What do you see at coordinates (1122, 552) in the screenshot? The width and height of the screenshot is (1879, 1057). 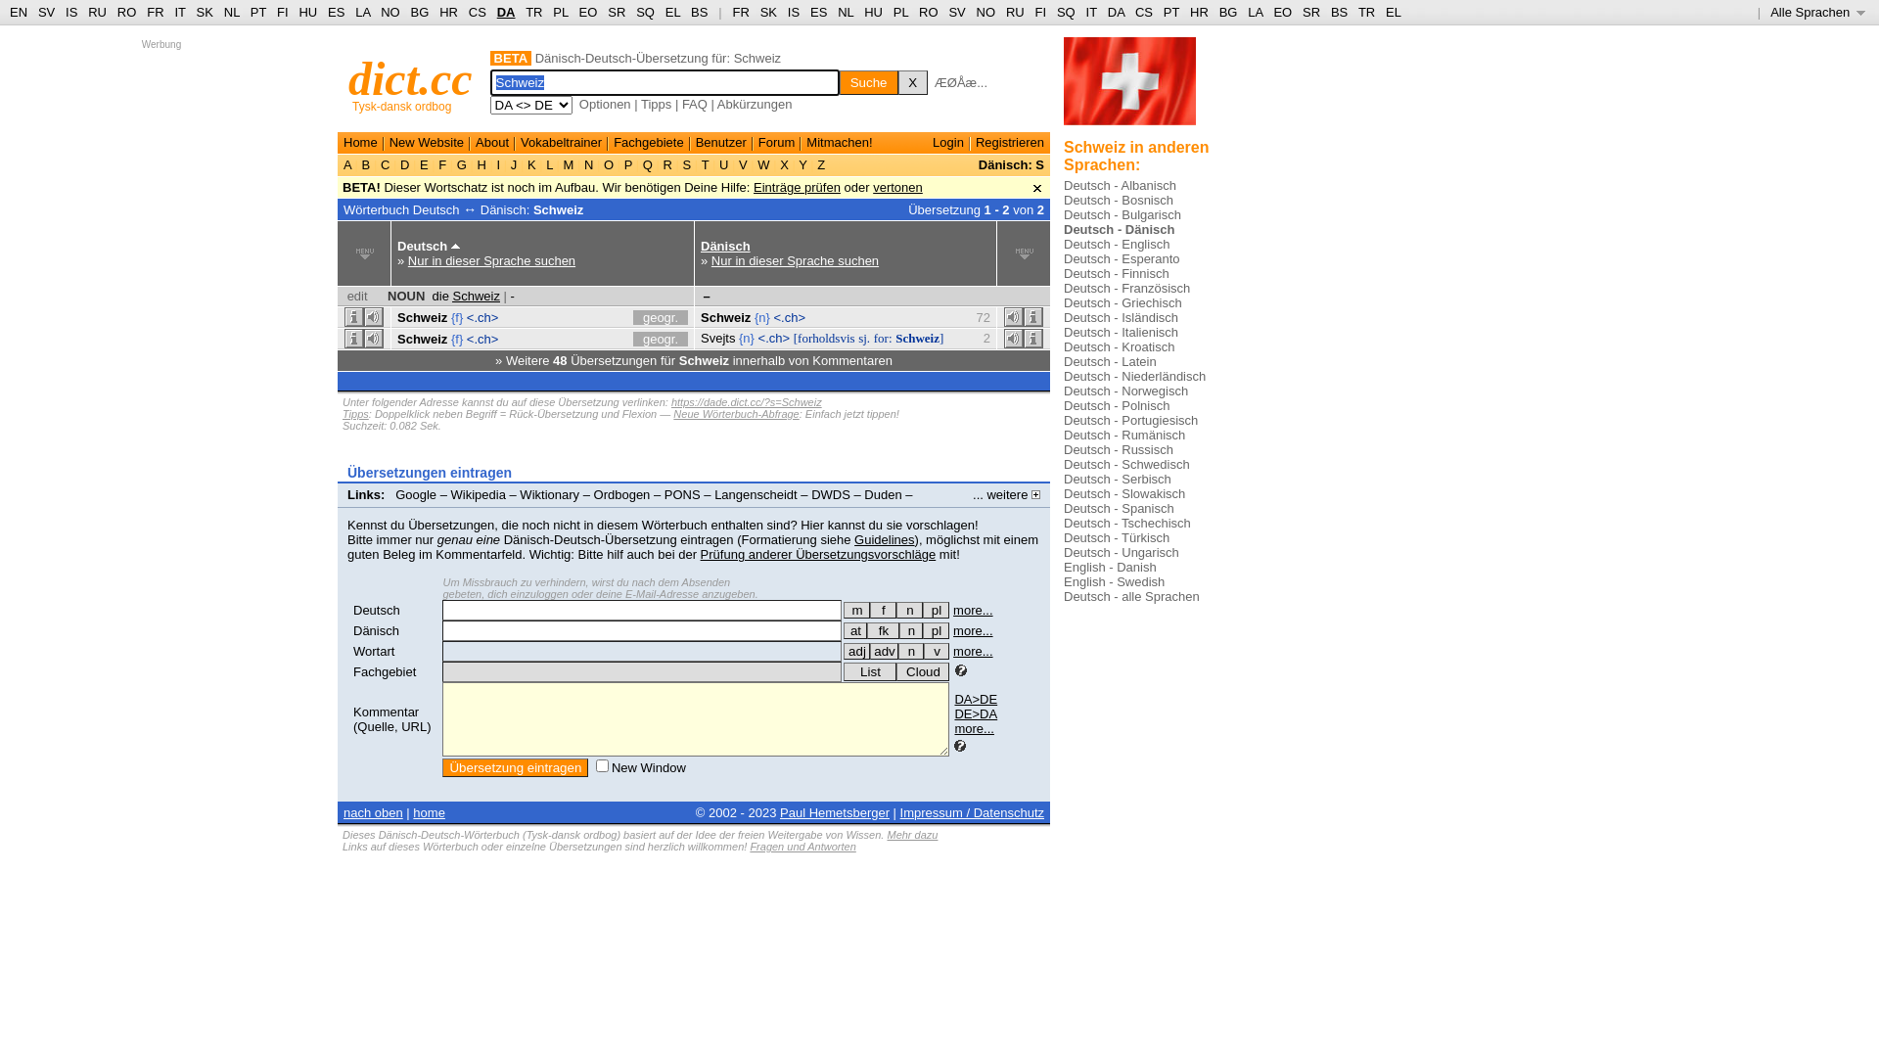 I see `'Deutsch - Ungarisch'` at bounding box center [1122, 552].